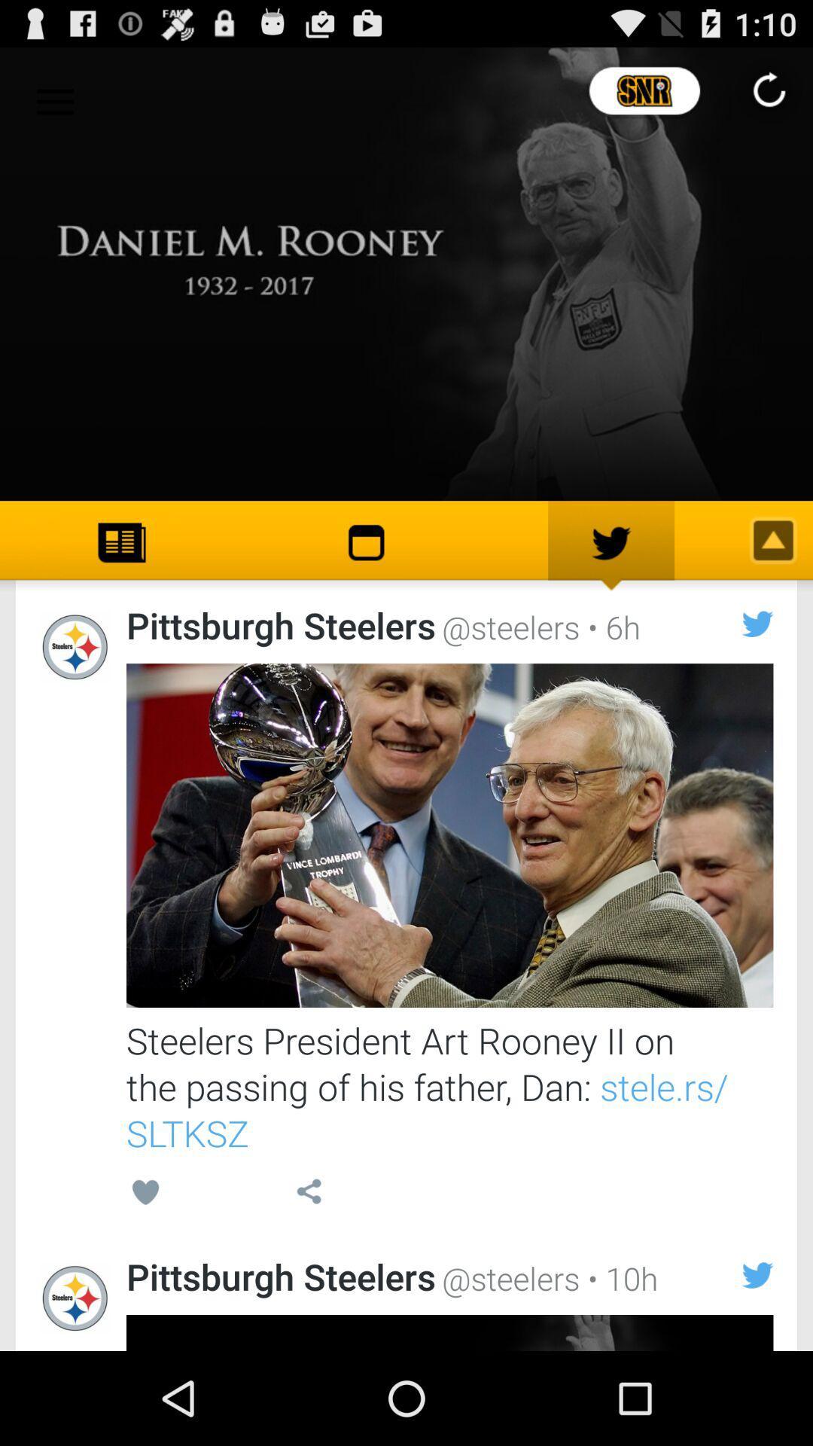  Describe the element at coordinates (449, 834) in the screenshot. I see `show article` at that location.